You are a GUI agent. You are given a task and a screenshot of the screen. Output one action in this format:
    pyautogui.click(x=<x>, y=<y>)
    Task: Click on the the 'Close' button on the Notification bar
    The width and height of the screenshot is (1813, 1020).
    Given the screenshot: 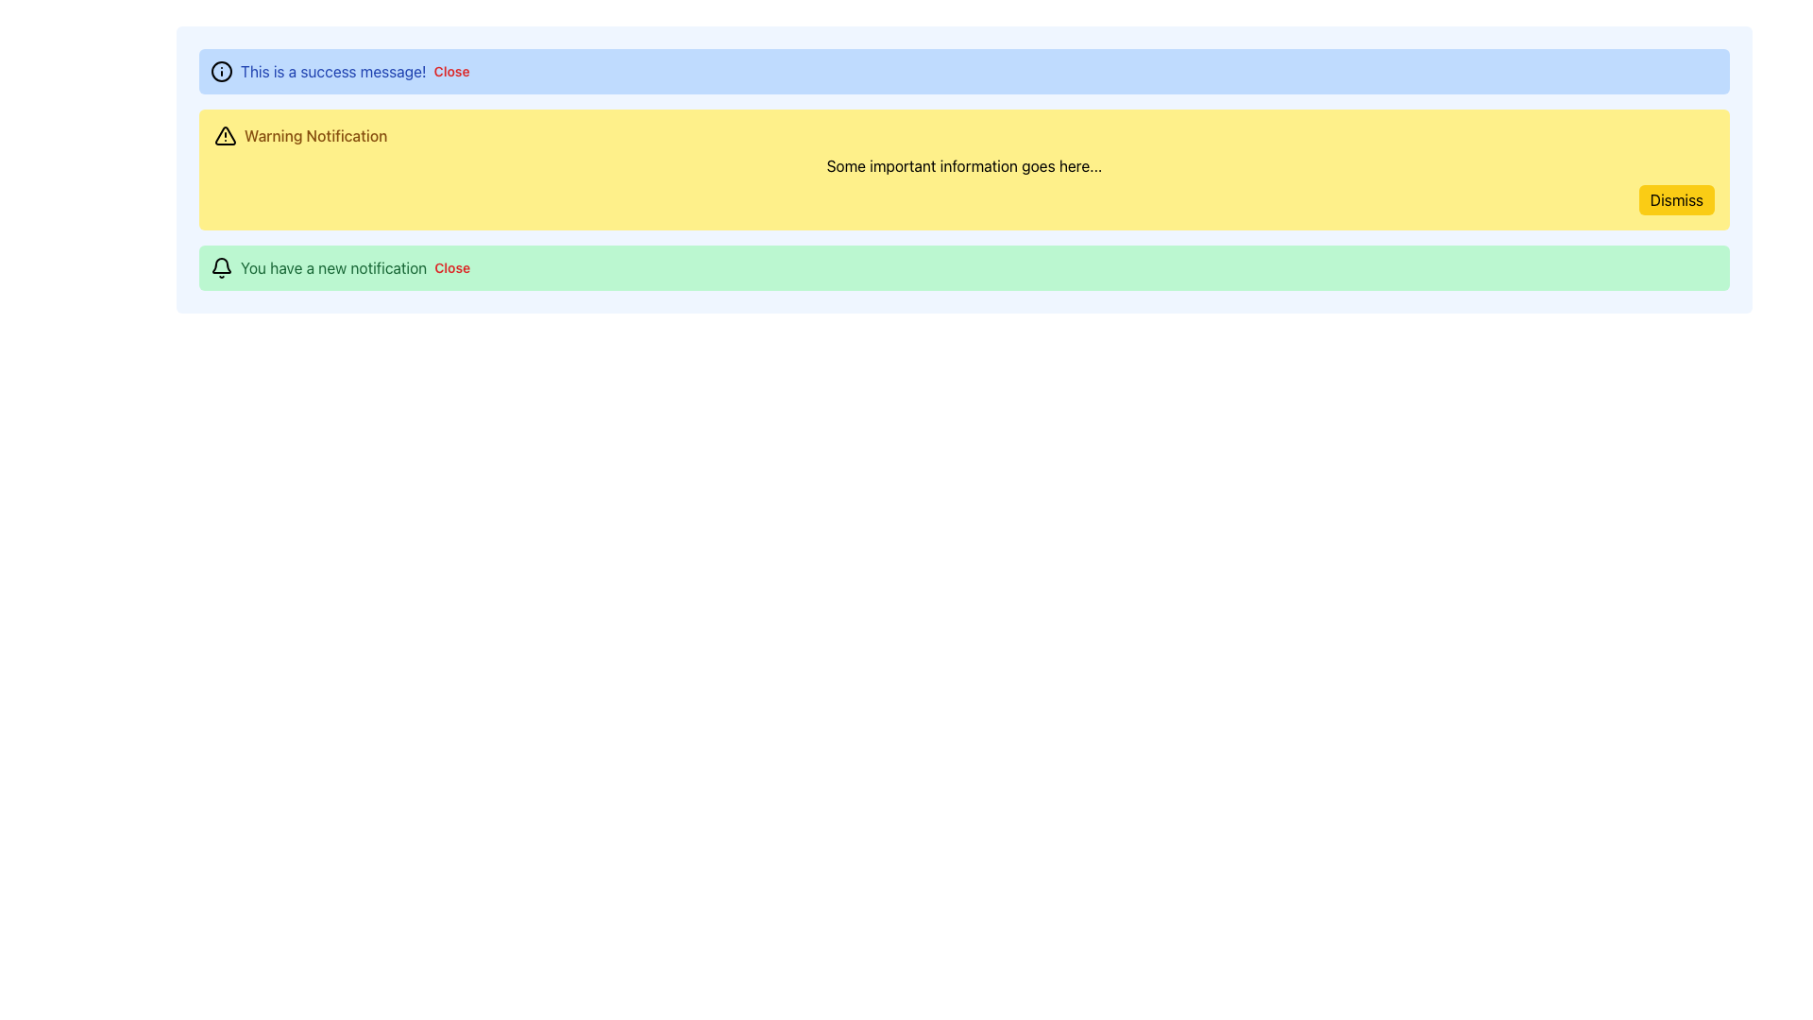 What is the action you would take?
    pyautogui.click(x=964, y=268)
    